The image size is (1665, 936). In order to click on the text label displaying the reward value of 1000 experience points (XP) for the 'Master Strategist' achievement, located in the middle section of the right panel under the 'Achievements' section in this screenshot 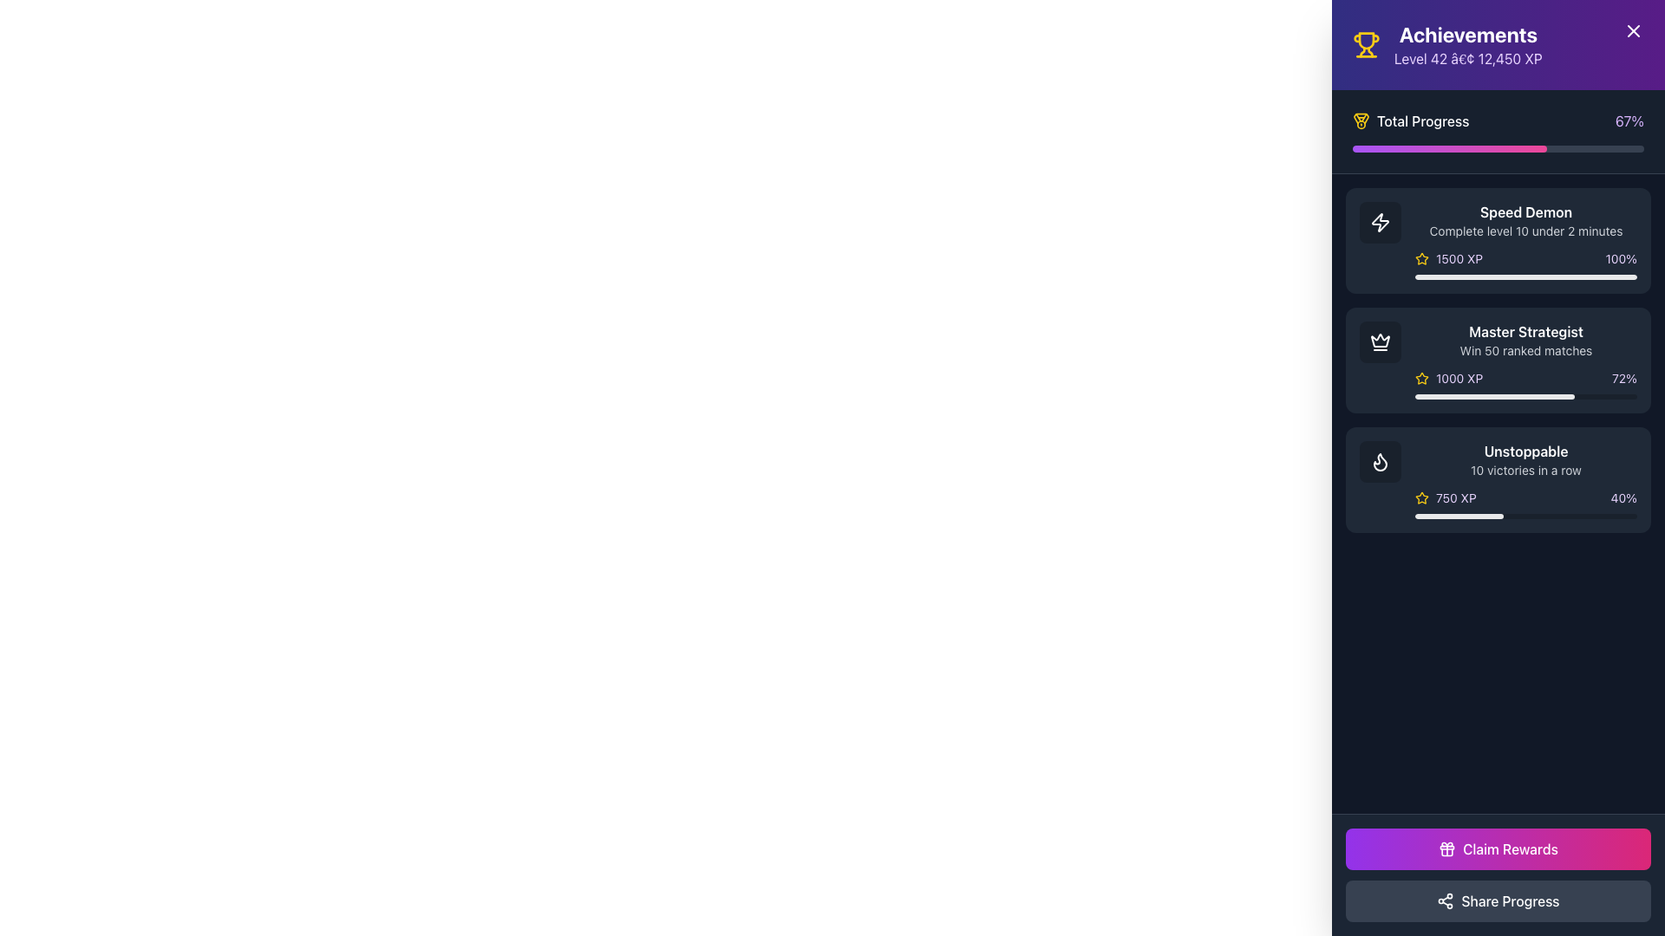, I will do `click(1459, 377)`.